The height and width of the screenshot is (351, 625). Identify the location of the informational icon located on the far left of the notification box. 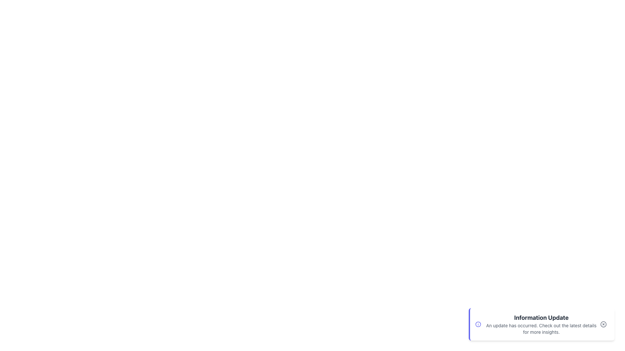
(478, 324).